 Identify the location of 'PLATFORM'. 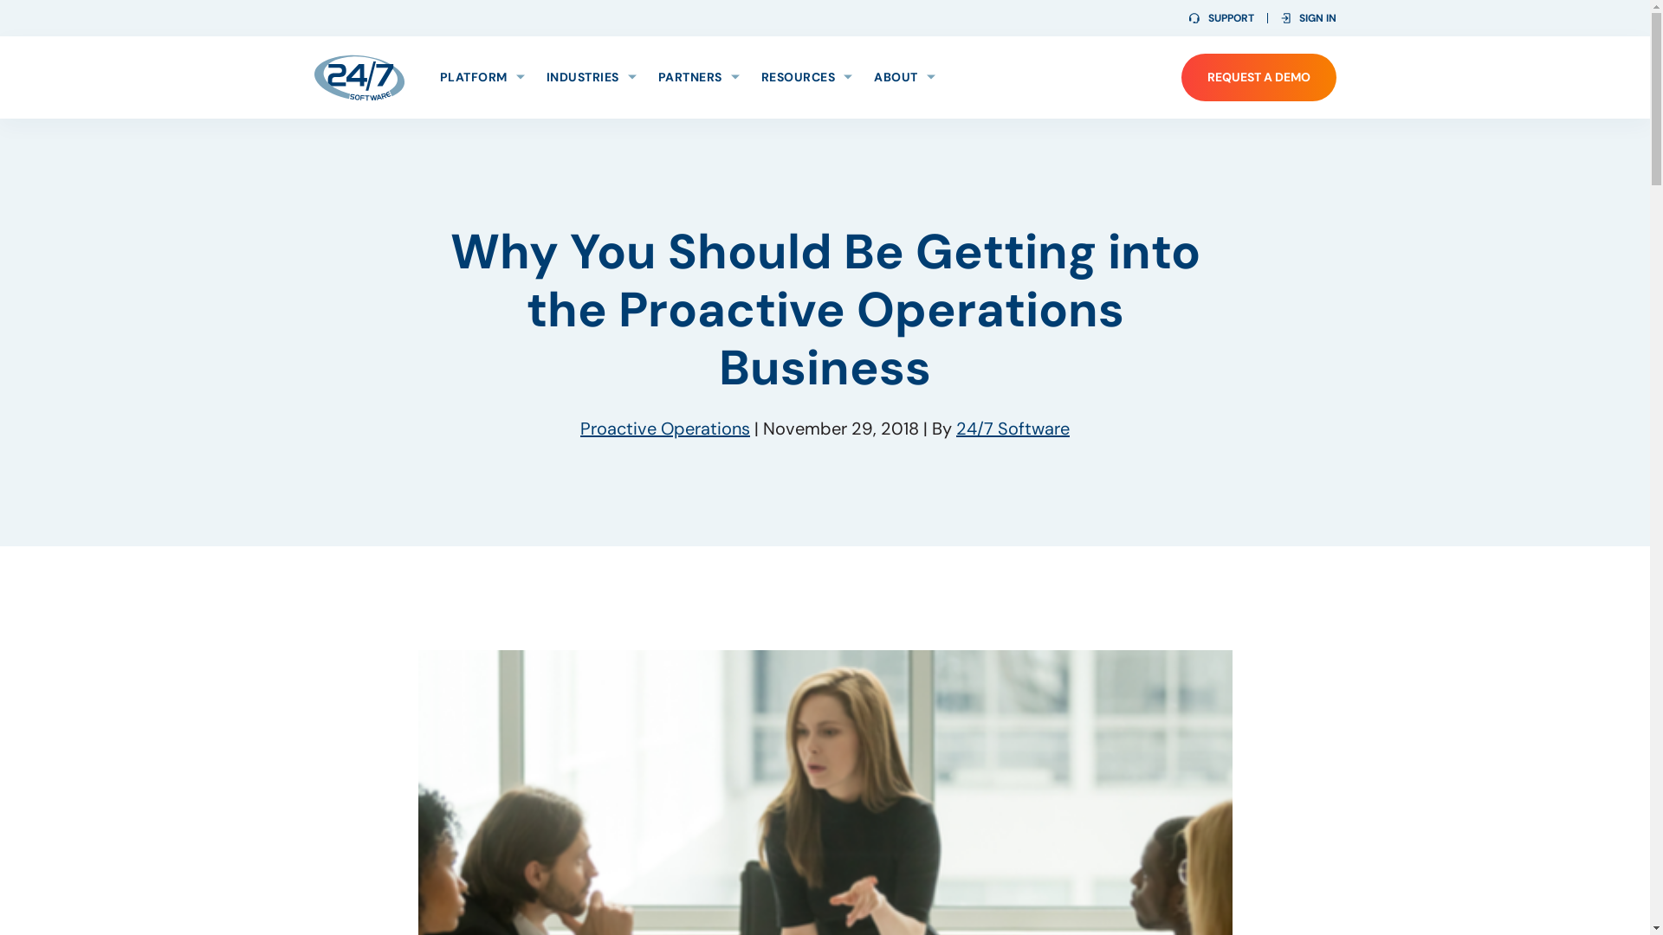
(482, 76).